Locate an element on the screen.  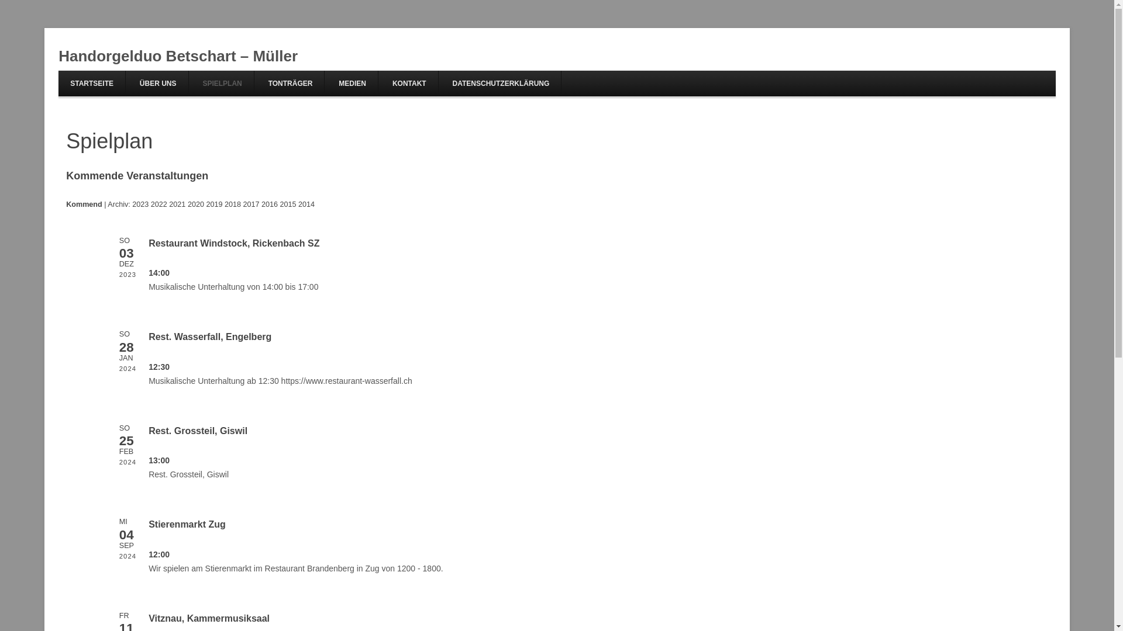
'2021' is located at coordinates (176, 204).